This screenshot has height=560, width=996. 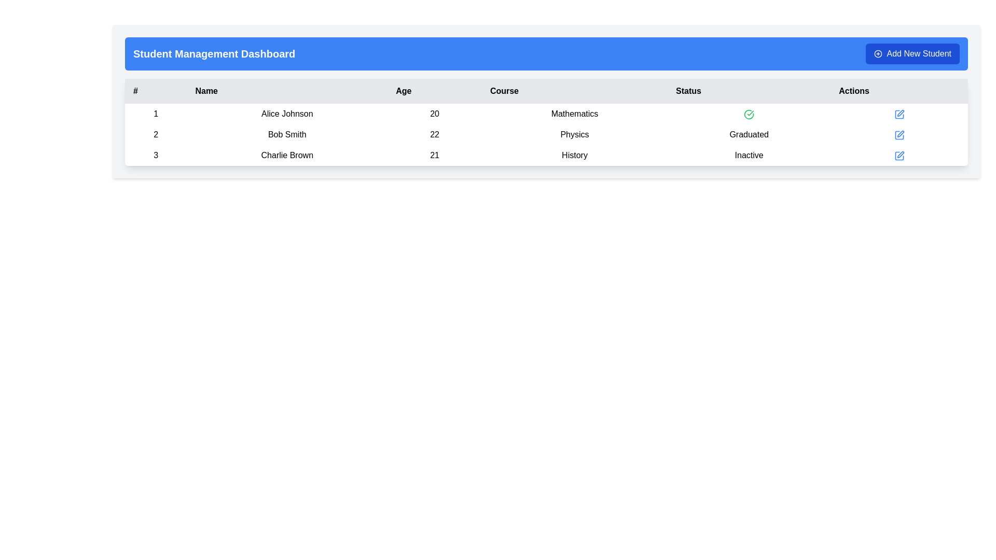 What do you see at coordinates (749, 114) in the screenshot?
I see `the status icon located in the 'Status' column of the student management dashboard, corresponding to Alice Johnson's row, which indicates the current state of the student's course status` at bounding box center [749, 114].